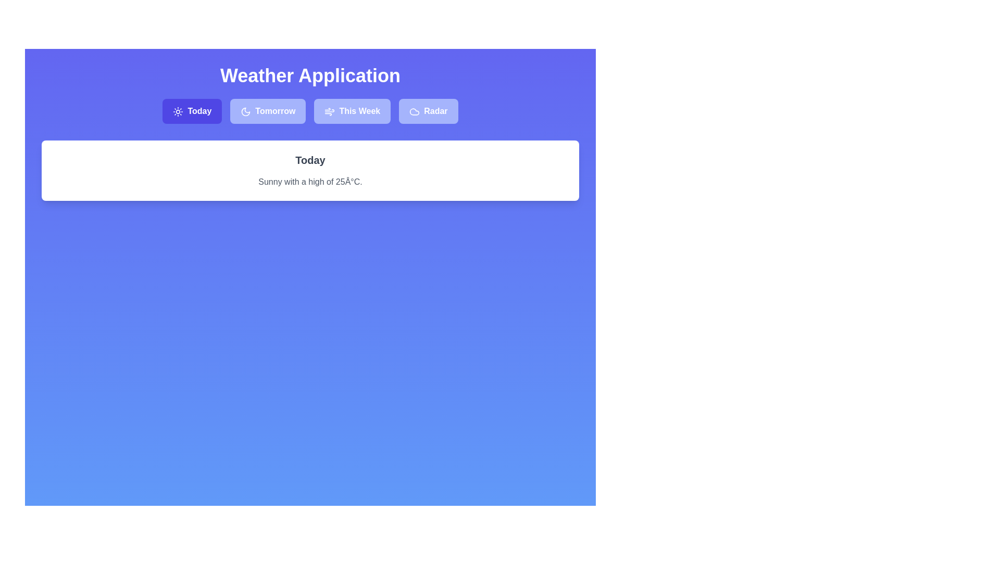 The image size is (1000, 562). I want to click on the tab labeled This Week to observe the hover effect, so click(352, 111).